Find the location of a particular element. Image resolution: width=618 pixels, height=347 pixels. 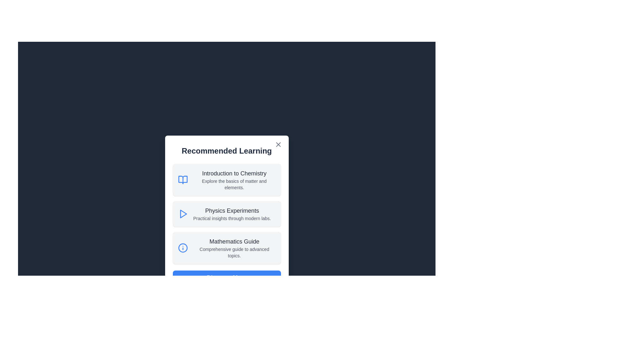

title 'Introduction to Chemistry' displayed prominently in a bold, large font at the top of the 'Recommended Learning' modal interface is located at coordinates (234, 173).